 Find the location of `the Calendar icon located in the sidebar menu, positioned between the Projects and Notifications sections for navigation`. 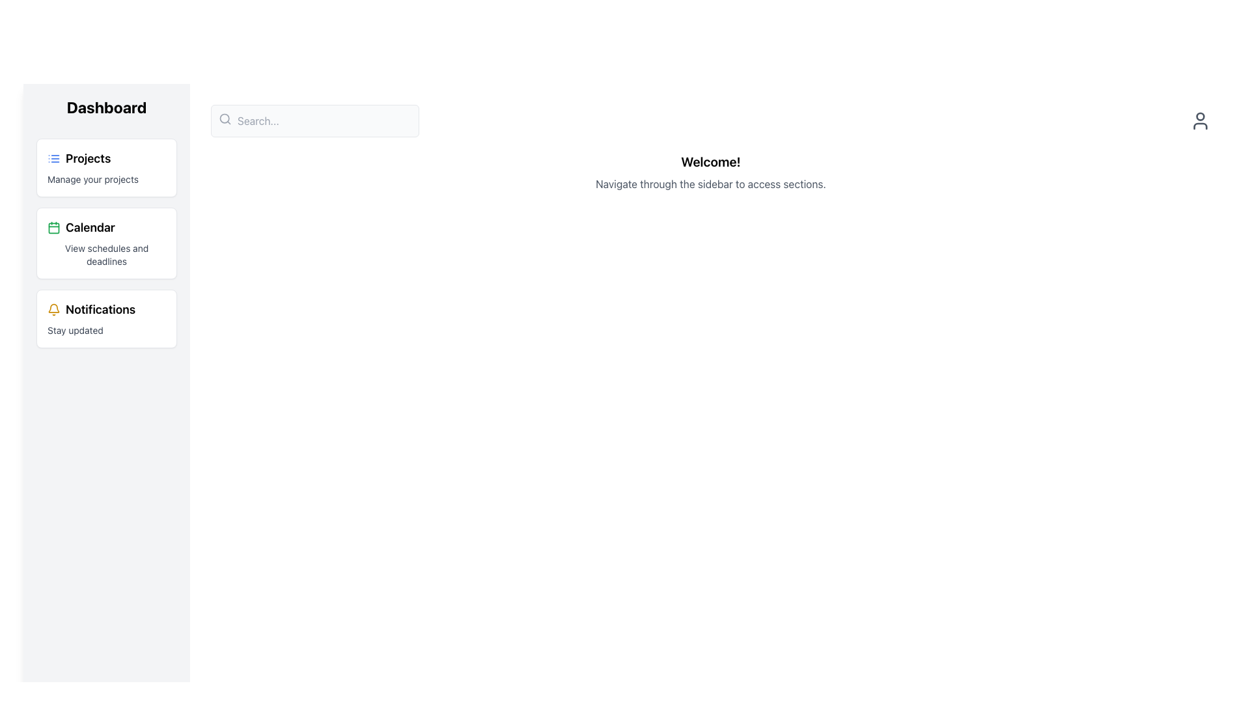

the Calendar icon located in the sidebar menu, positioned between the Projects and Notifications sections for navigation is located at coordinates (53, 227).